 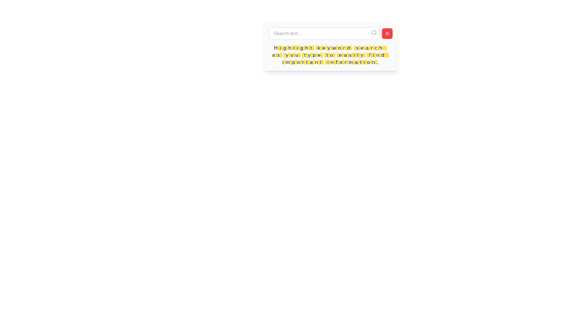 What do you see at coordinates (362, 62) in the screenshot?
I see `the 54th highlighted segment in the text that visually emphasizes its importance within the context` at bounding box center [362, 62].